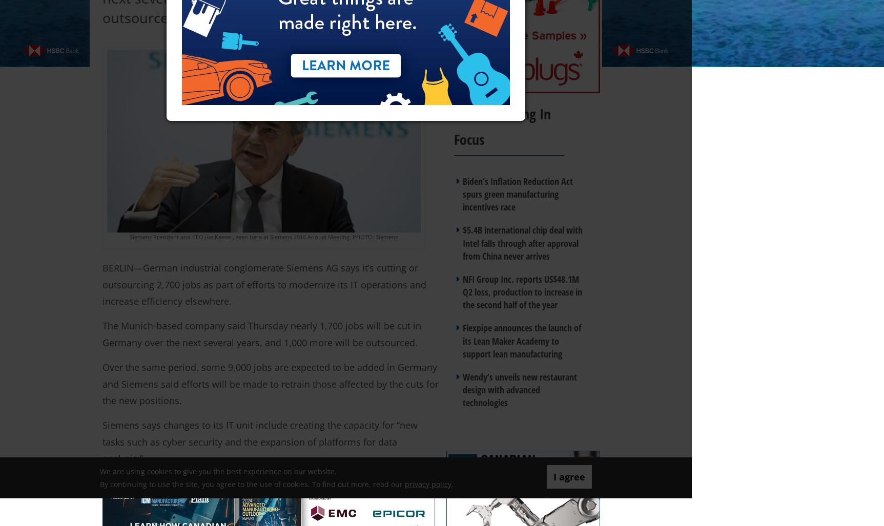 This screenshot has width=884, height=526. What do you see at coordinates (263, 237) in the screenshot?
I see `'Siemens President and CEO Joe Kaeser, seen here at Siemens 2016 Annual Meeting. PHOTO: Siemens'` at bounding box center [263, 237].